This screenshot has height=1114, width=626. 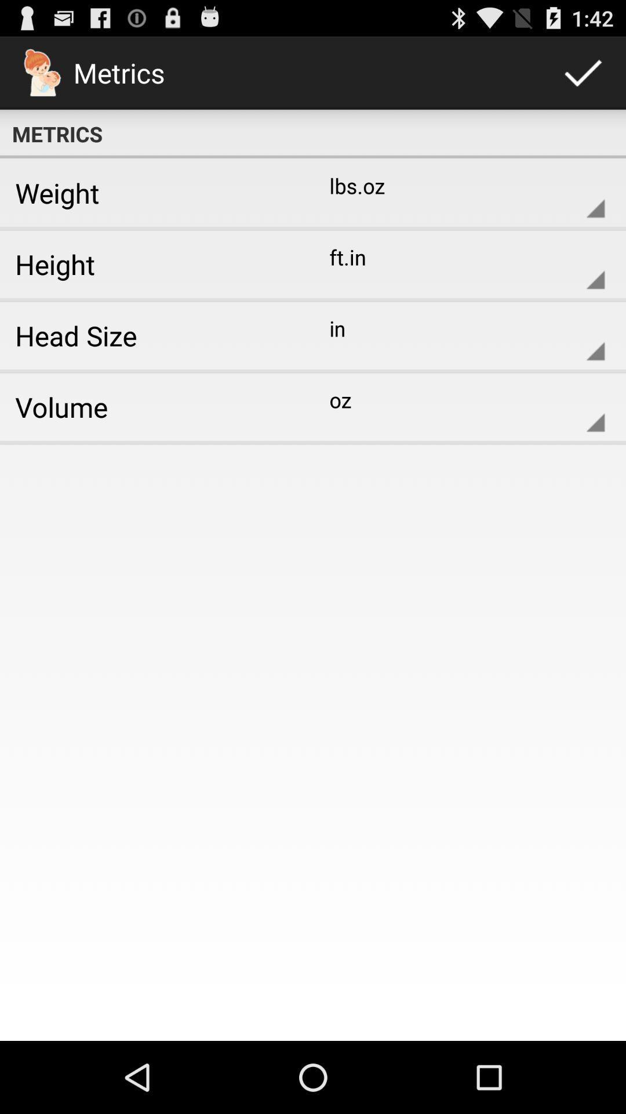 I want to click on icon to the right of the weight item, so click(x=457, y=193).